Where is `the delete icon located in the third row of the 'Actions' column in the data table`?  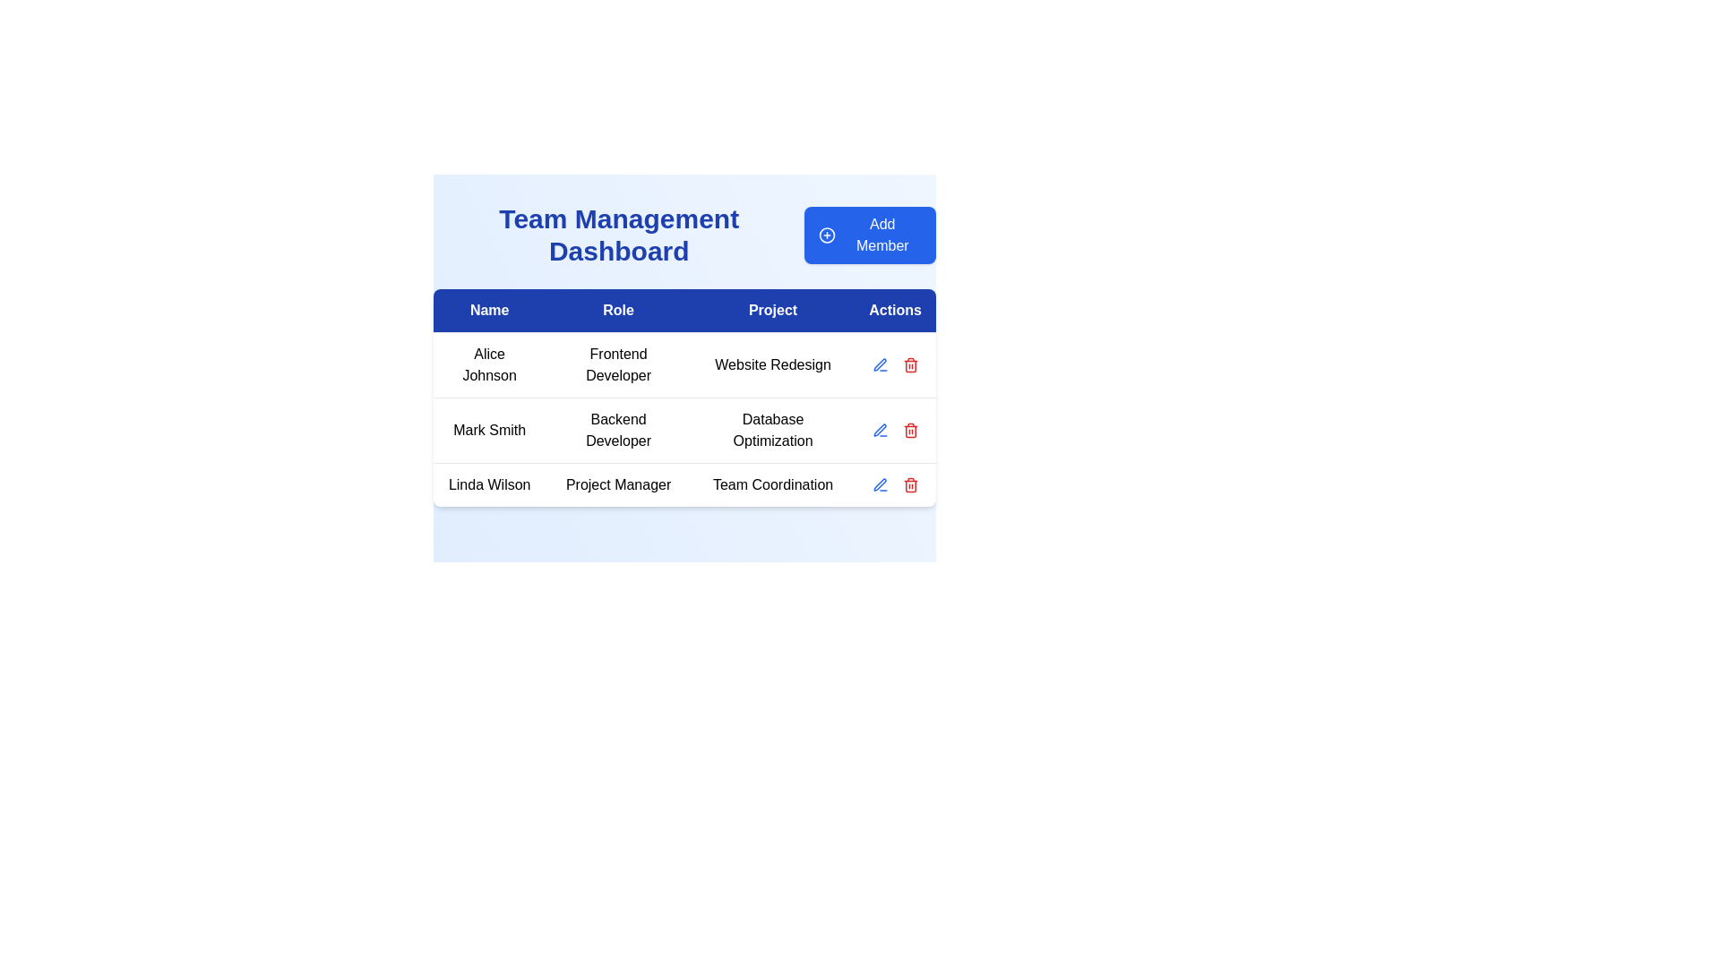
the delete icon located in the third row of the 'Actions' column in the data table is located at coordinates (910, 486).